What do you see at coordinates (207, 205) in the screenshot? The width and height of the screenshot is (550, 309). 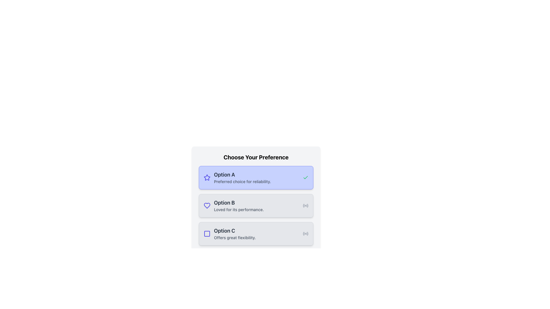 I see `the heart icon within the 'Option B' button` at bounding box center [207, 205].